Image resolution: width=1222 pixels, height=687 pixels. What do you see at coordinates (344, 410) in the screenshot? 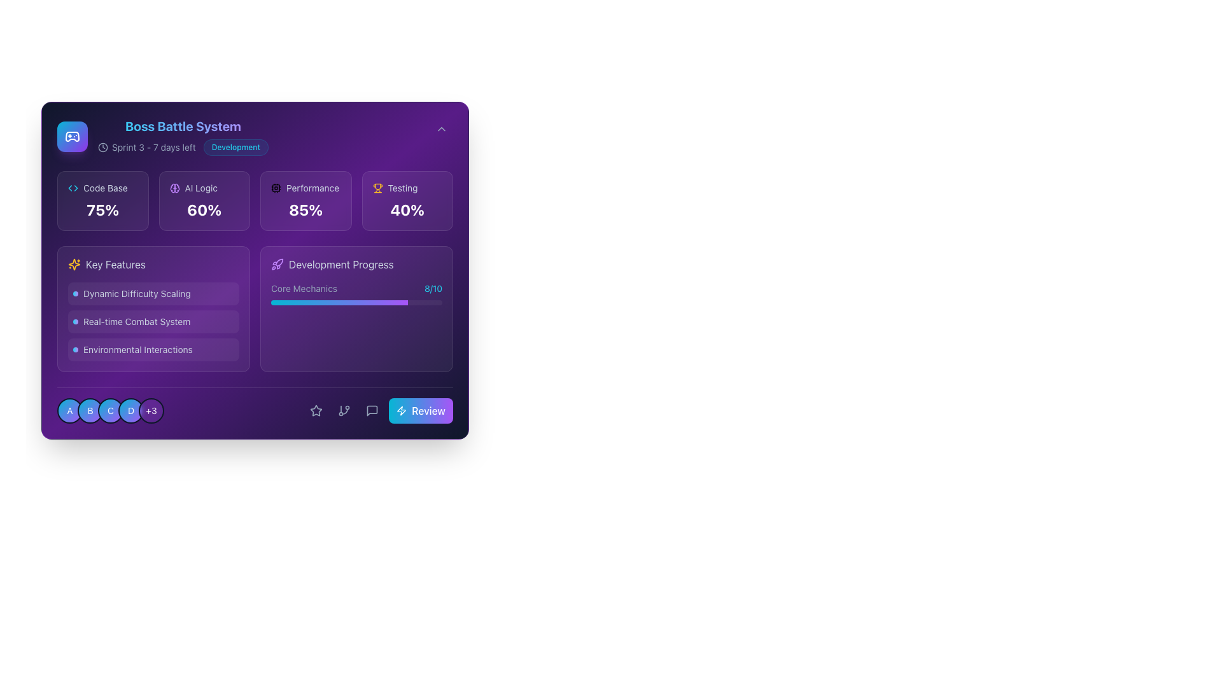
I see `the version control icon located in the bottom right of the toolbar` at bounding box center [344, 410].